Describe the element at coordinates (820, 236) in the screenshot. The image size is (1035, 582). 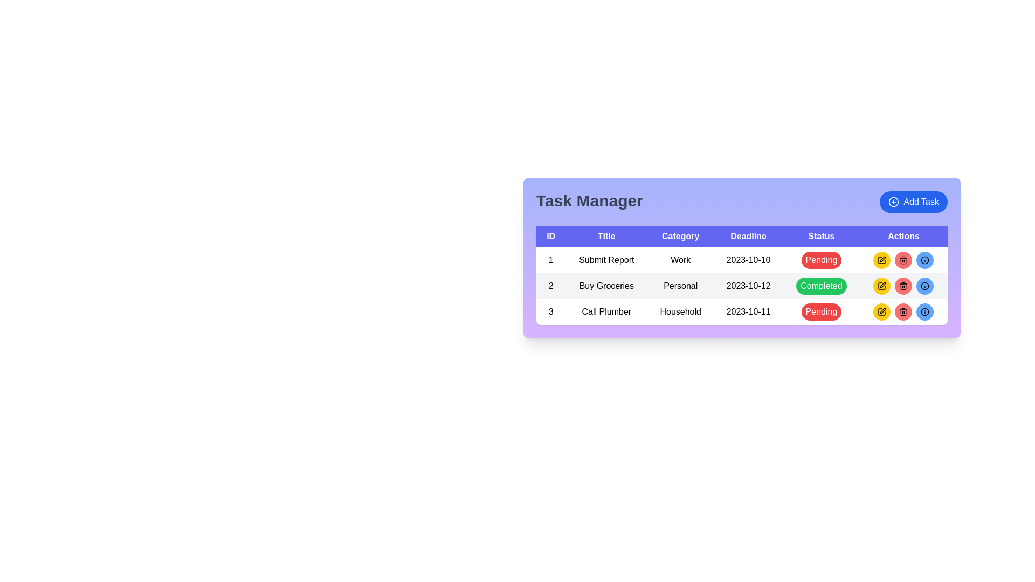
I see `text content of the Table Header Cell, which is the fifth column header indicating the status of the items listed below it` at that location.